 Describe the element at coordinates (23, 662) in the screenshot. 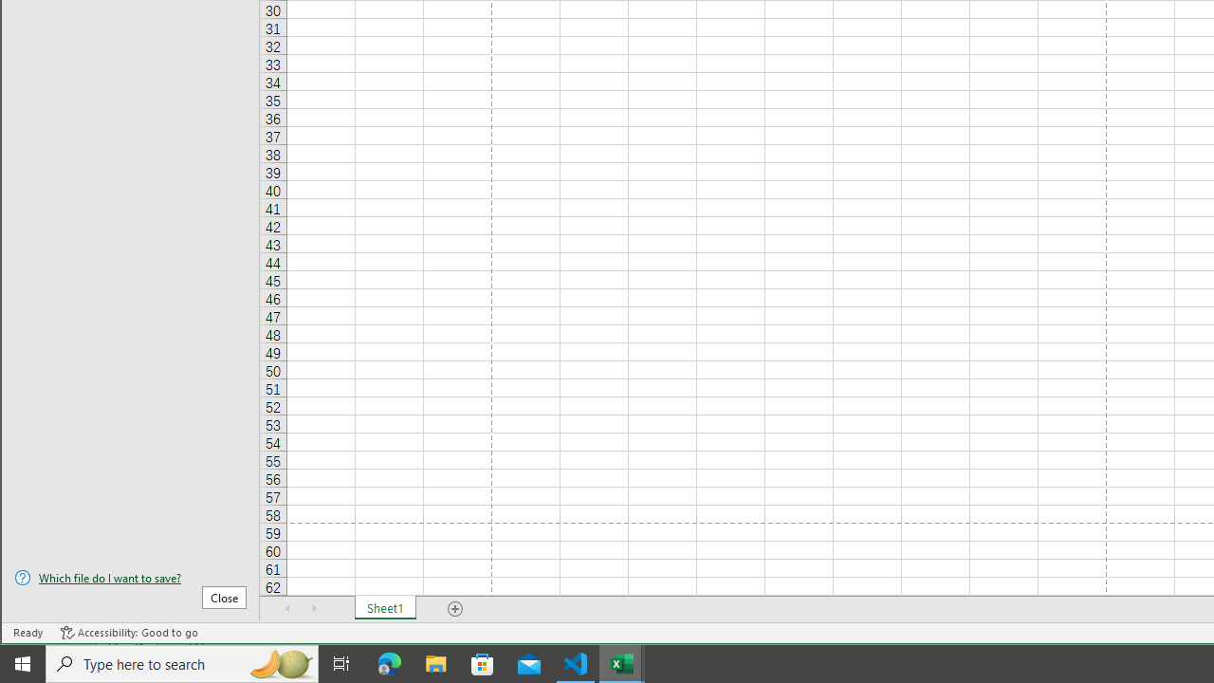

I see `'Start'` at that location.